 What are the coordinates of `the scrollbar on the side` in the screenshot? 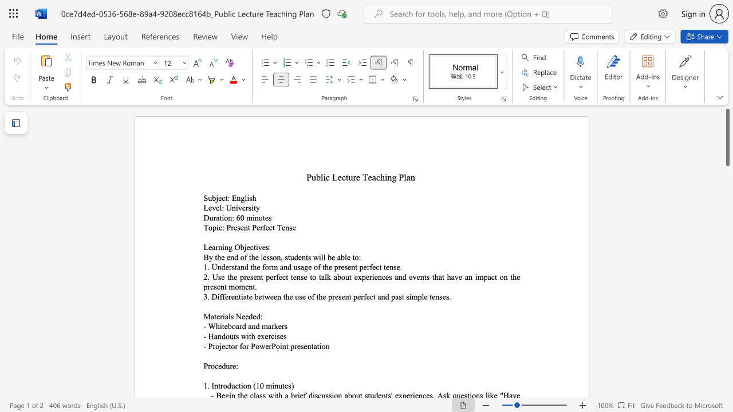 It's located at (727, 291).